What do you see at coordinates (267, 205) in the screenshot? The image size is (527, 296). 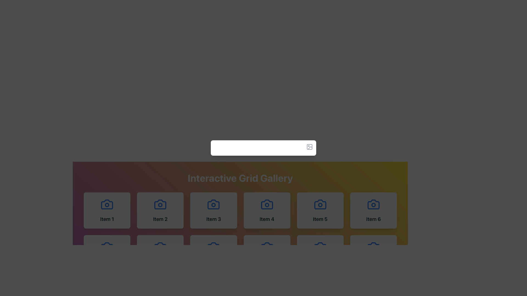 I see `the Circle SVG element that represents a lens or focal point on the fourth item card in the grid layout` at bounding box center [267, 205].